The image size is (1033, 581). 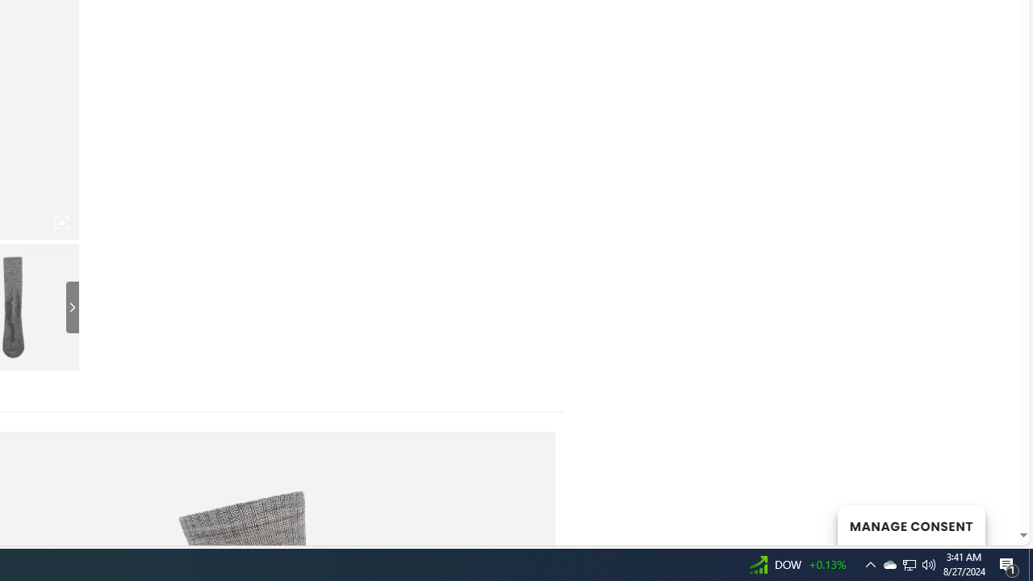 What do you see at coordinates (61, 223) in the screenshot?
I see `'Class: iconic-woothumbs-fullscreen'` at bounding box center [61, 223].